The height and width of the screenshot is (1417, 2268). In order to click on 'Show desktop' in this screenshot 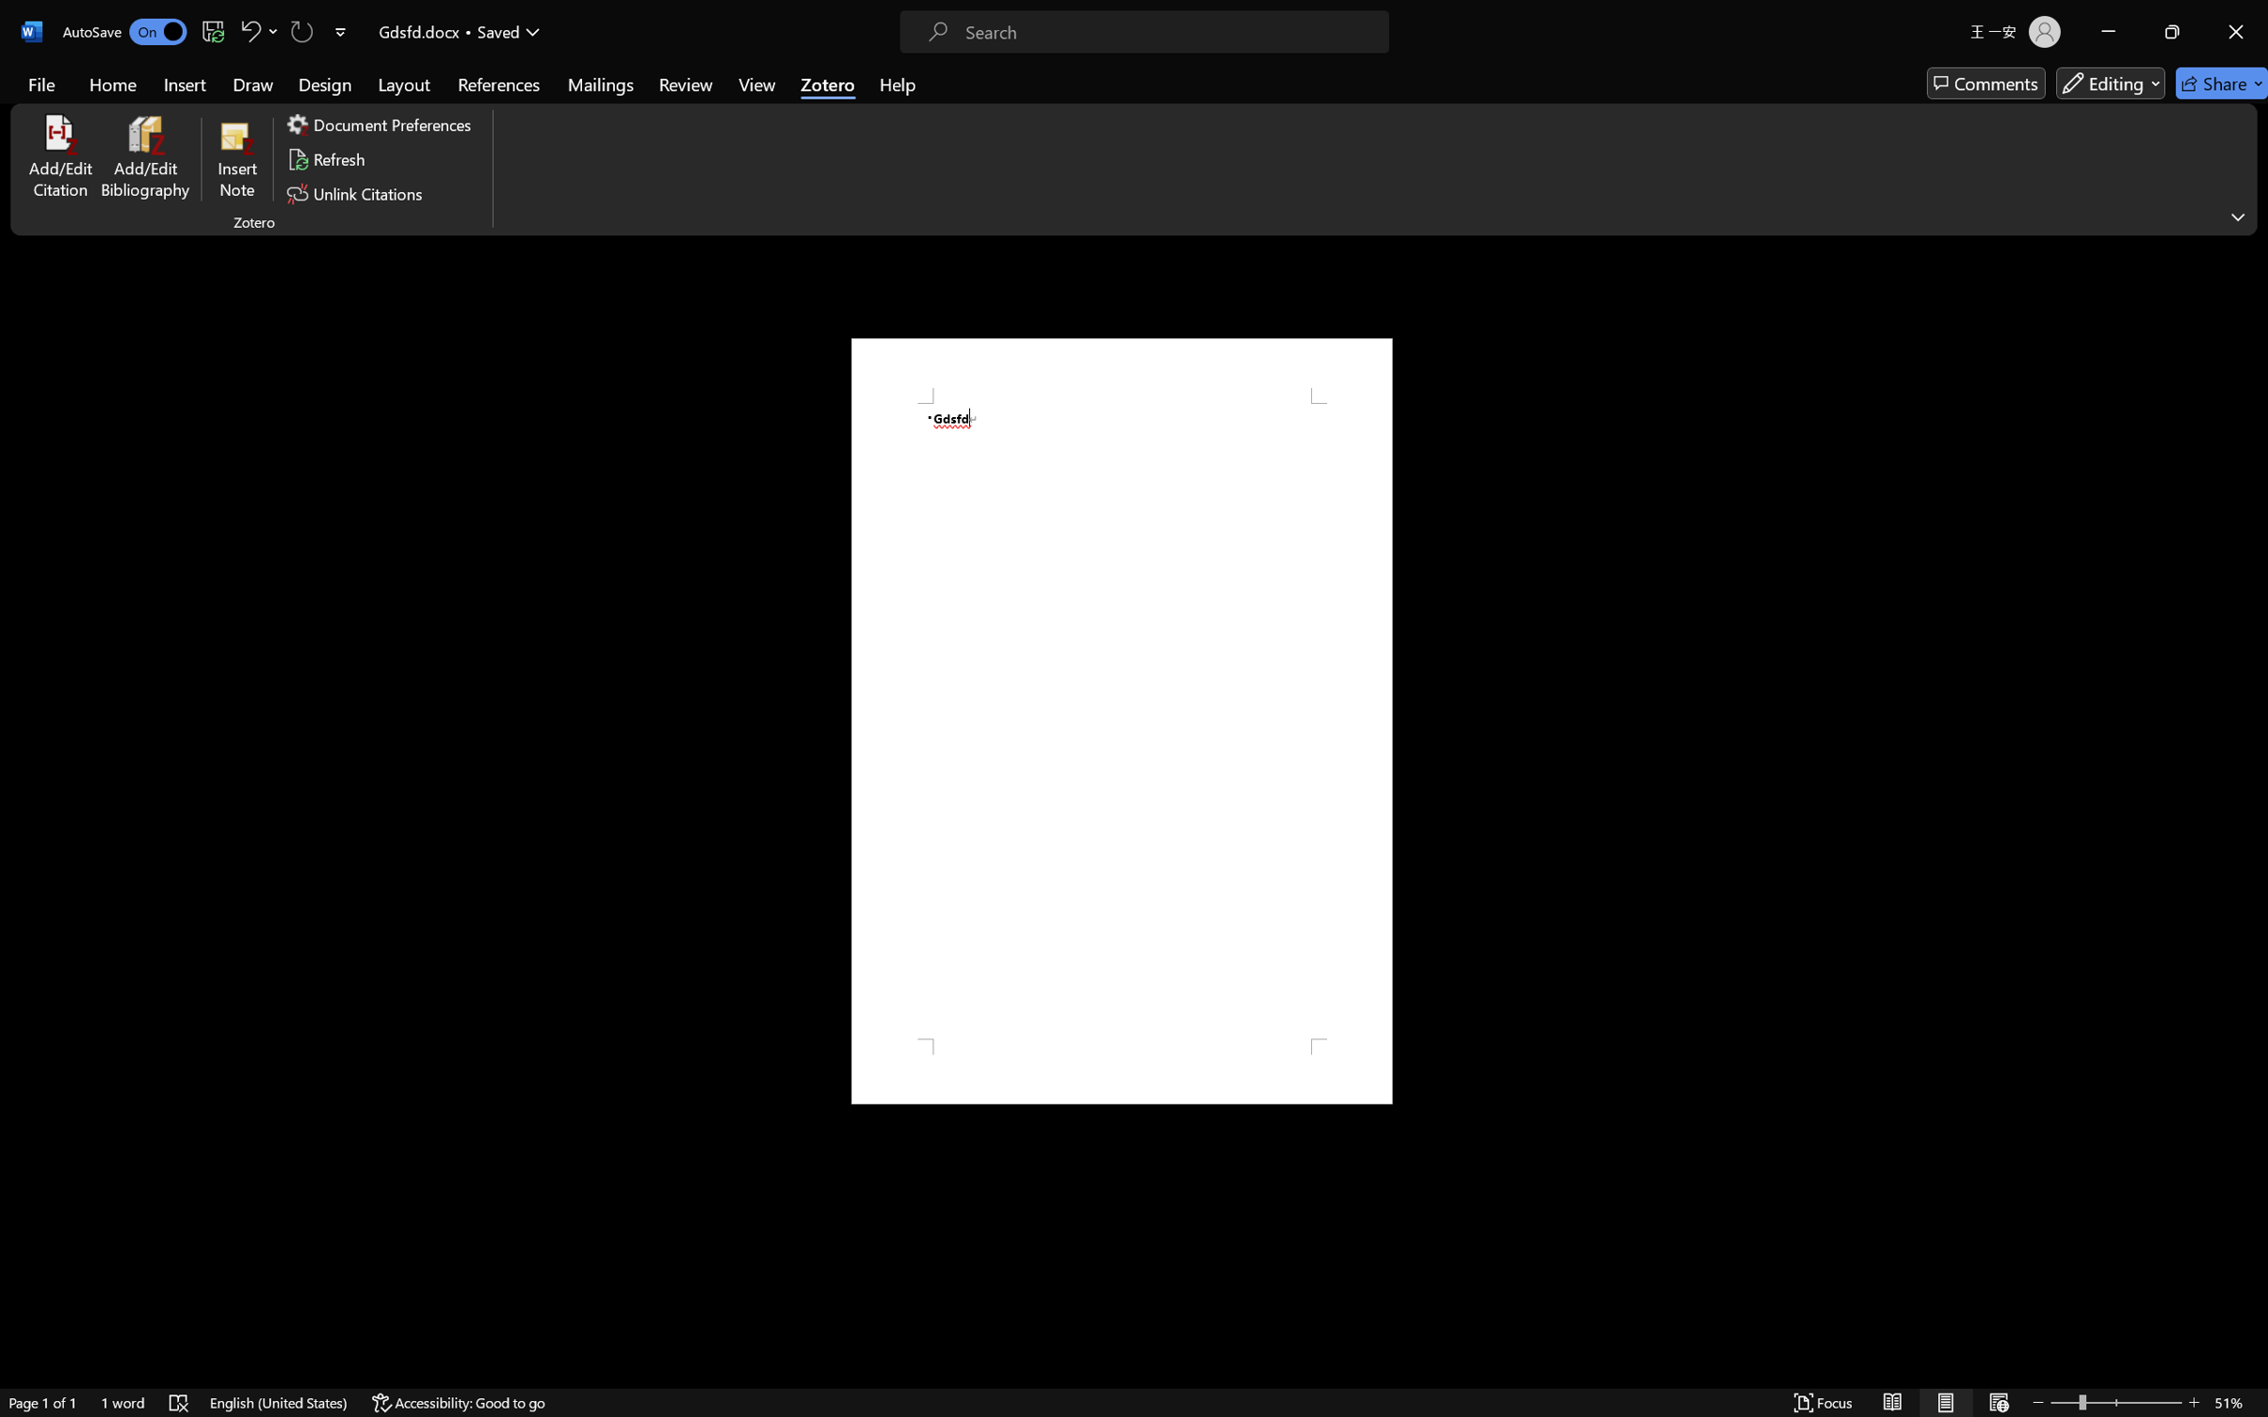, I will do `click(2264, 1395)`.